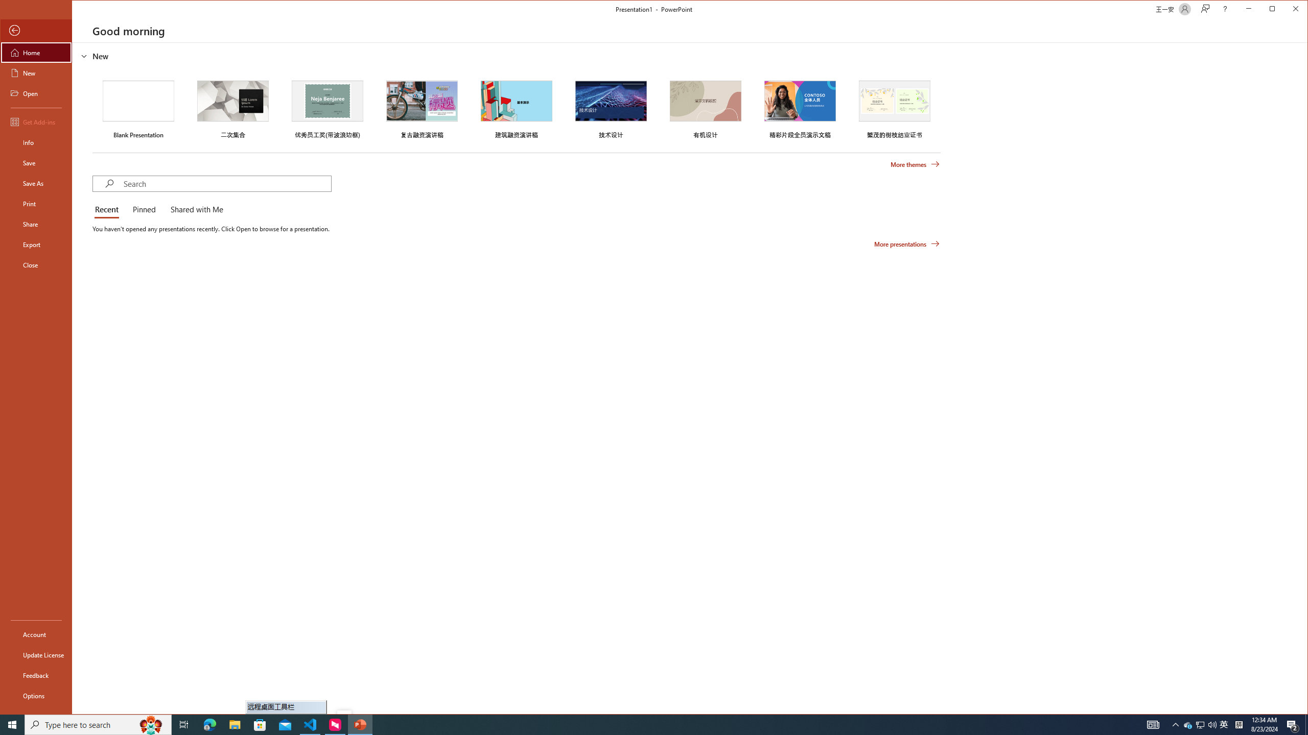 This screenshot has width=1308, height=735. What do you see at coordinates (35, 121) in the screenshot?
I see `'Get Add-ins'` at bounding box center [35, 121].